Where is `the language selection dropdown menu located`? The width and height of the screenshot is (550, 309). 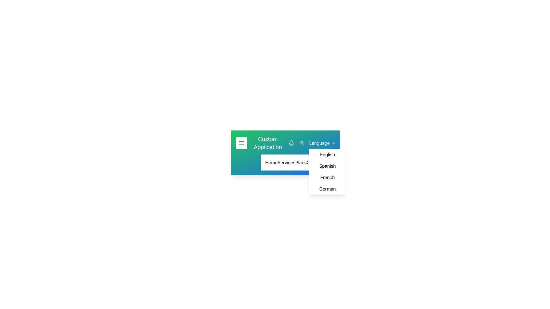 the language selection dropdown menu located is located at coordinates (322, 143).